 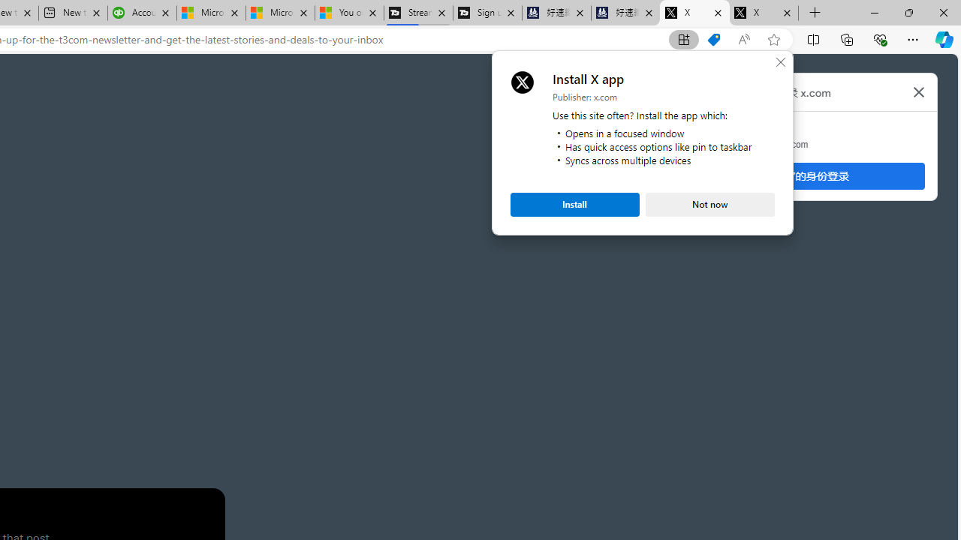 I want to click on 'Install', so click(x=574, y=204).